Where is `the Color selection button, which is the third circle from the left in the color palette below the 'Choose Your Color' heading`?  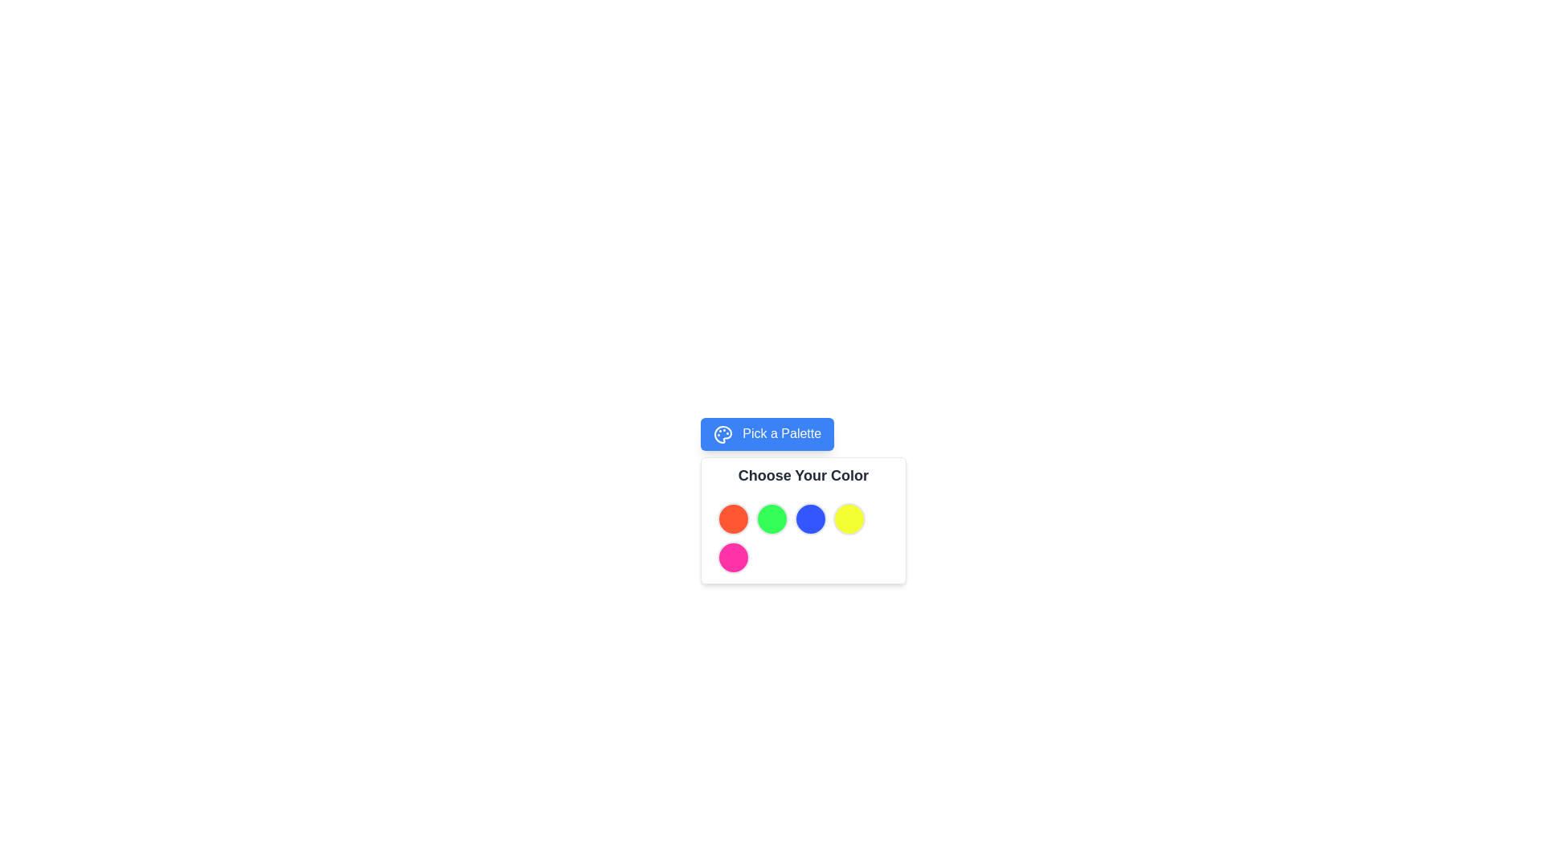 the Color selection button, which is the third circle from the left in the color palette below the 'Choose Your Color' heading is located at coordinates (803, 520).